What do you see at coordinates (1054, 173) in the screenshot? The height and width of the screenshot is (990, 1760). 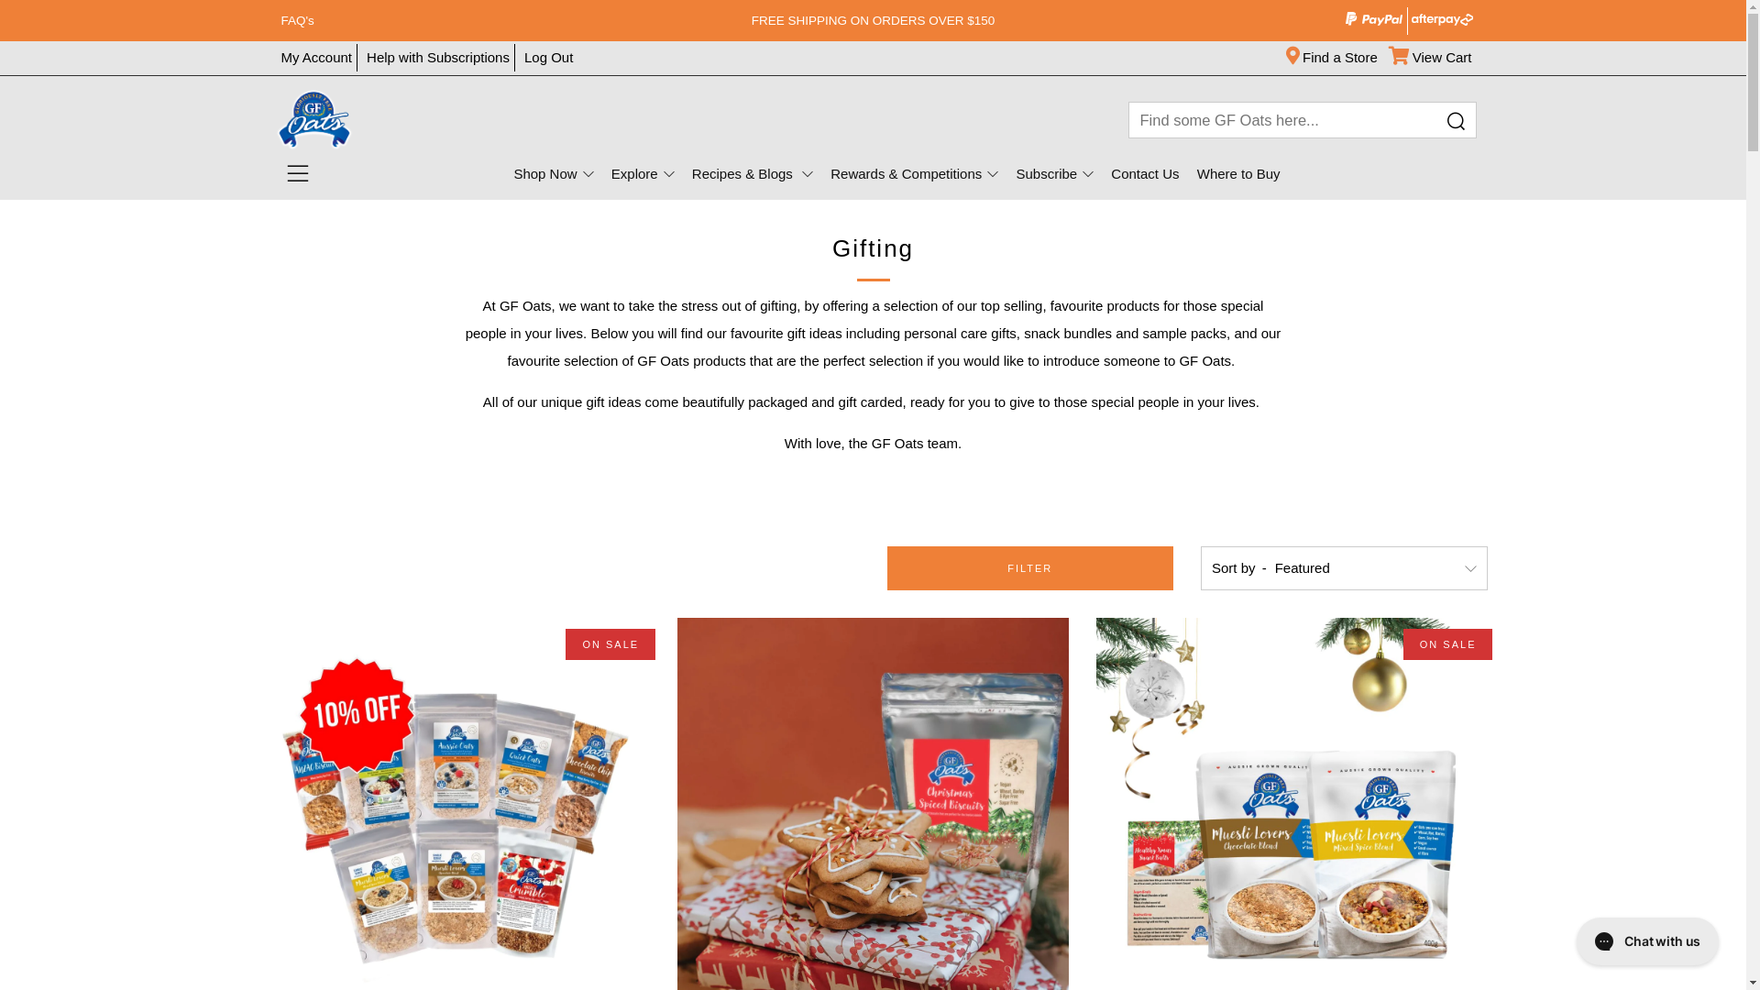 I see `'Subscribe'` at bounding box center [1054, 173].